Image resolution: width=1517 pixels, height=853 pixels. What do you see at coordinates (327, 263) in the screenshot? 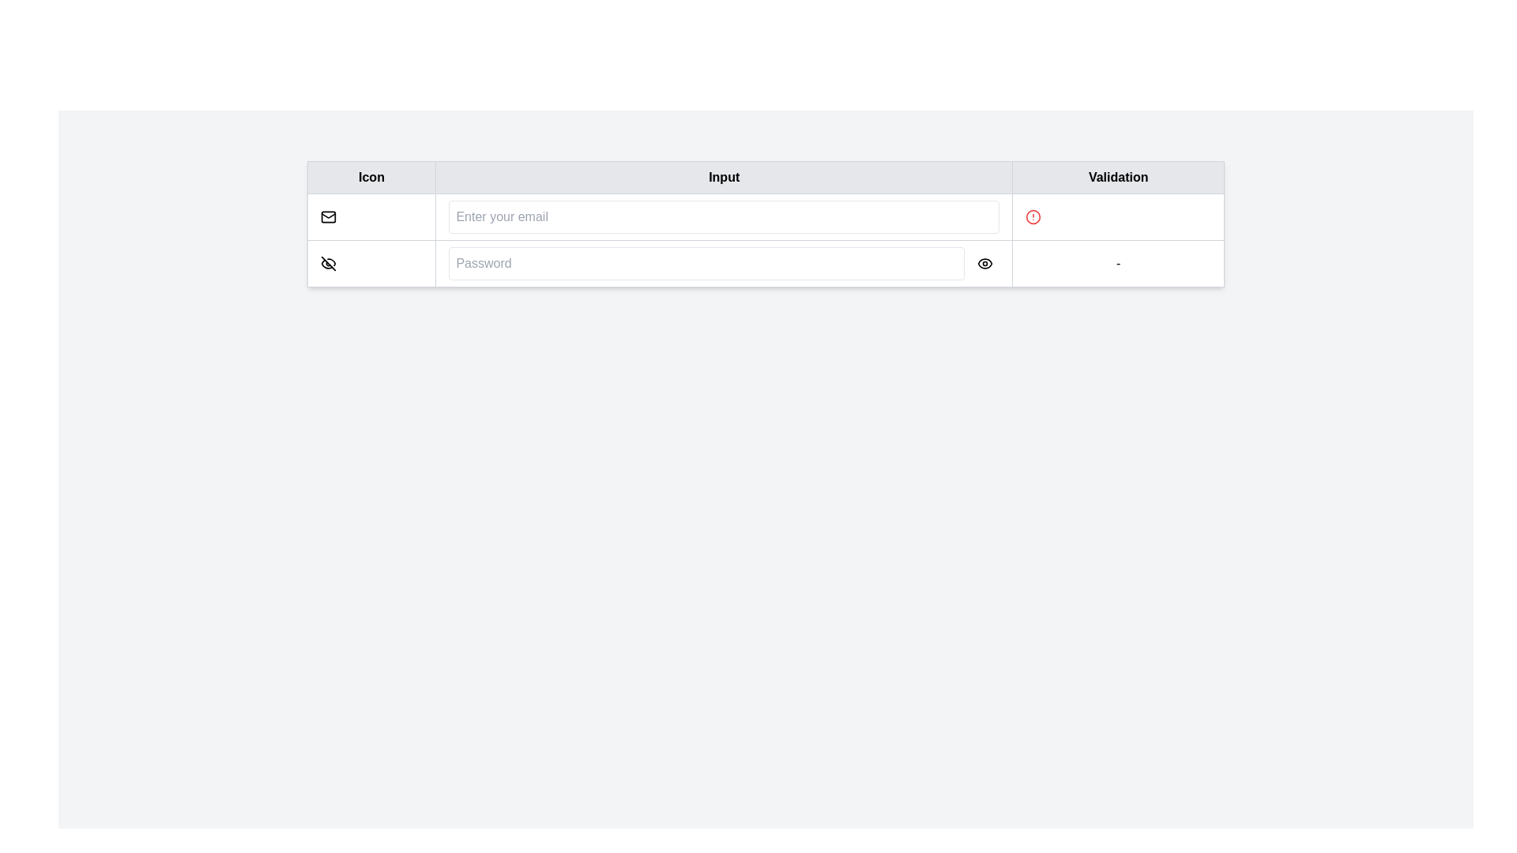
I see `the Password visibility toggle icon located in the second row, first column of the layout` at bounding box center [327, 263].